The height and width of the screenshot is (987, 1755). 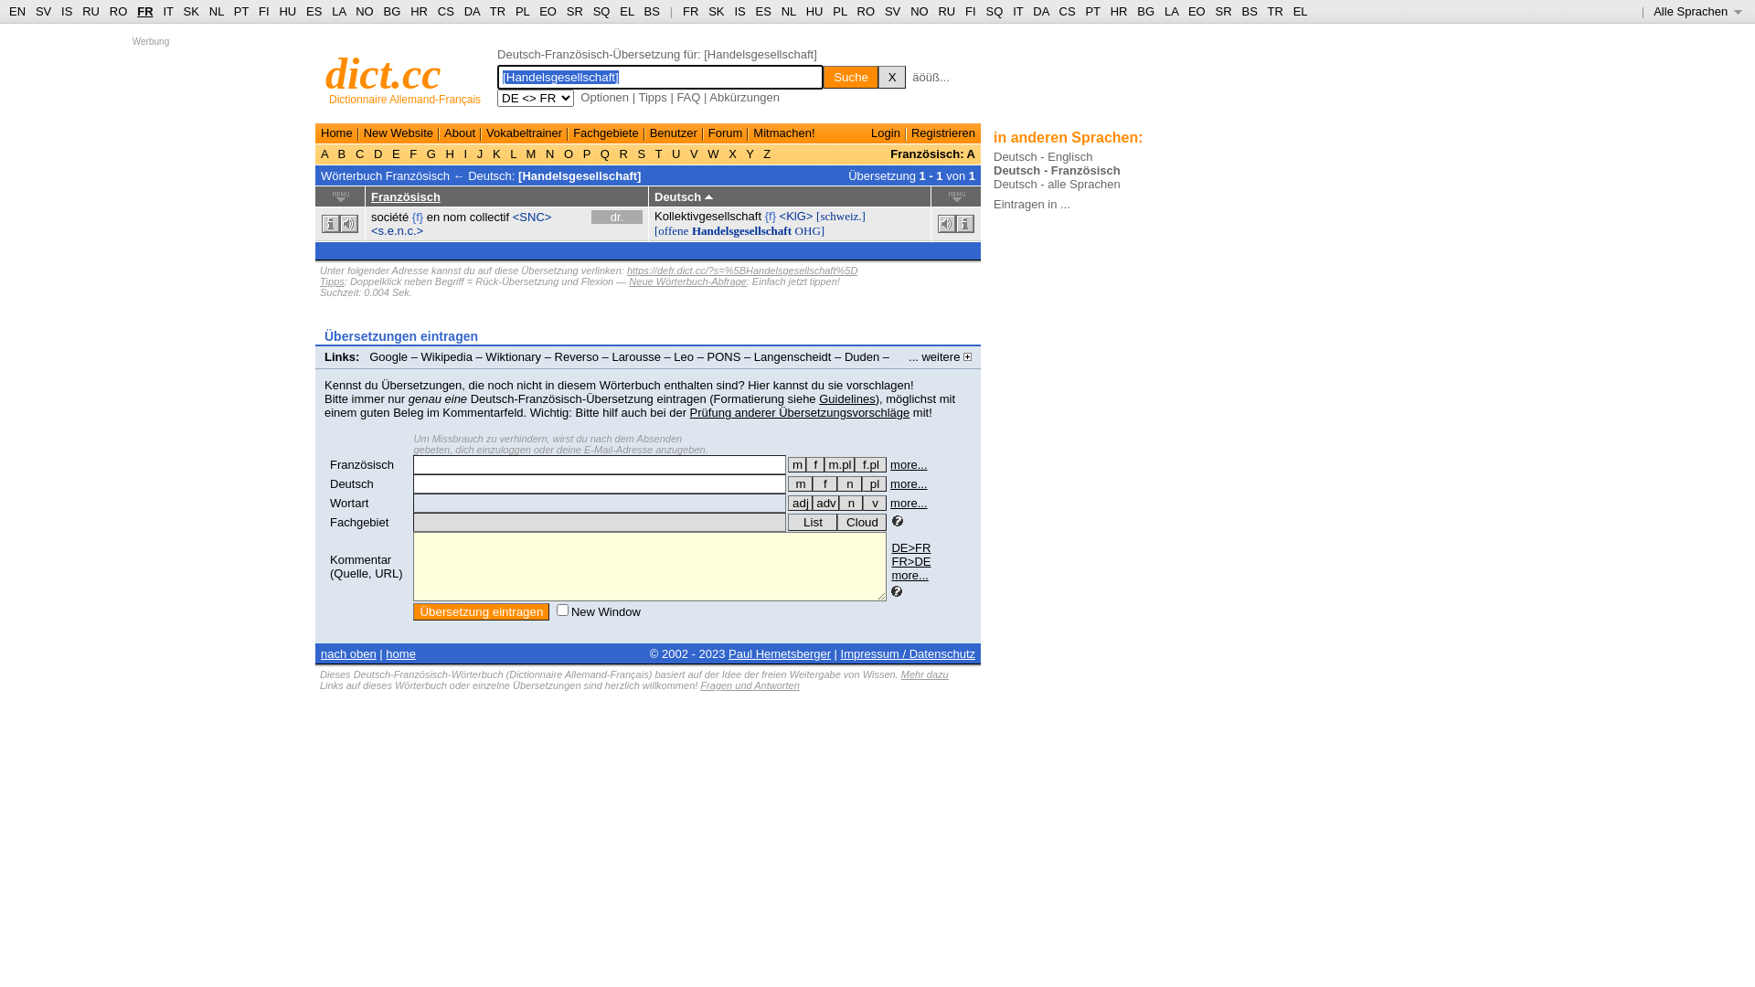 What do you see at coordinates (412, 153) in the screenshot?
I see `'F'` at bounding box center [412, 153].